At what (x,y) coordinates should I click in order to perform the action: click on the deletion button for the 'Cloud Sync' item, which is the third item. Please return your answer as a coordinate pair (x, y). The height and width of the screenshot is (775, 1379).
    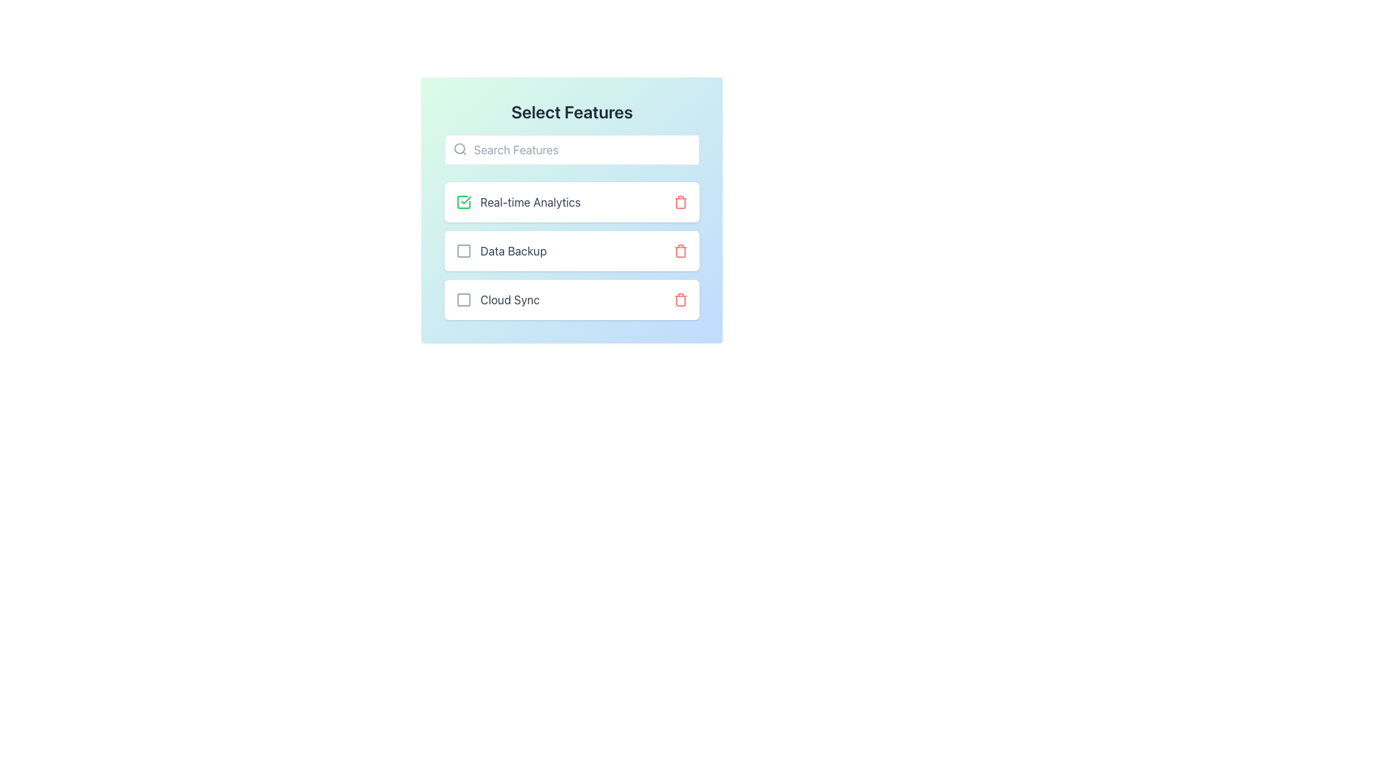
    Looking at the image, I should click on (680, 299).